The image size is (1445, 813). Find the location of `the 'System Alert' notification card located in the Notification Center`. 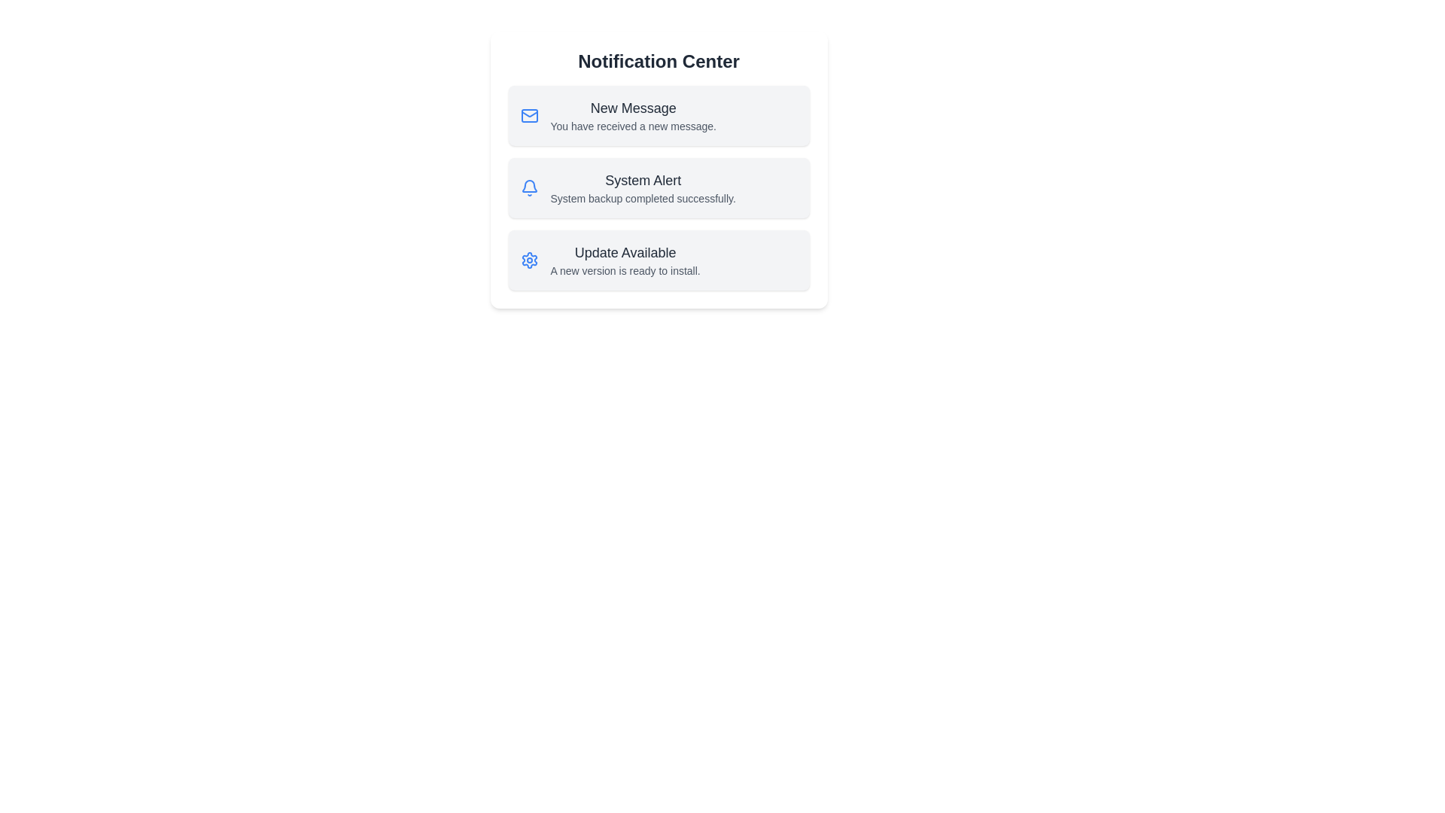

the 'System Alert' notification card located in the Notification Center is located at coordinates (659, 187).